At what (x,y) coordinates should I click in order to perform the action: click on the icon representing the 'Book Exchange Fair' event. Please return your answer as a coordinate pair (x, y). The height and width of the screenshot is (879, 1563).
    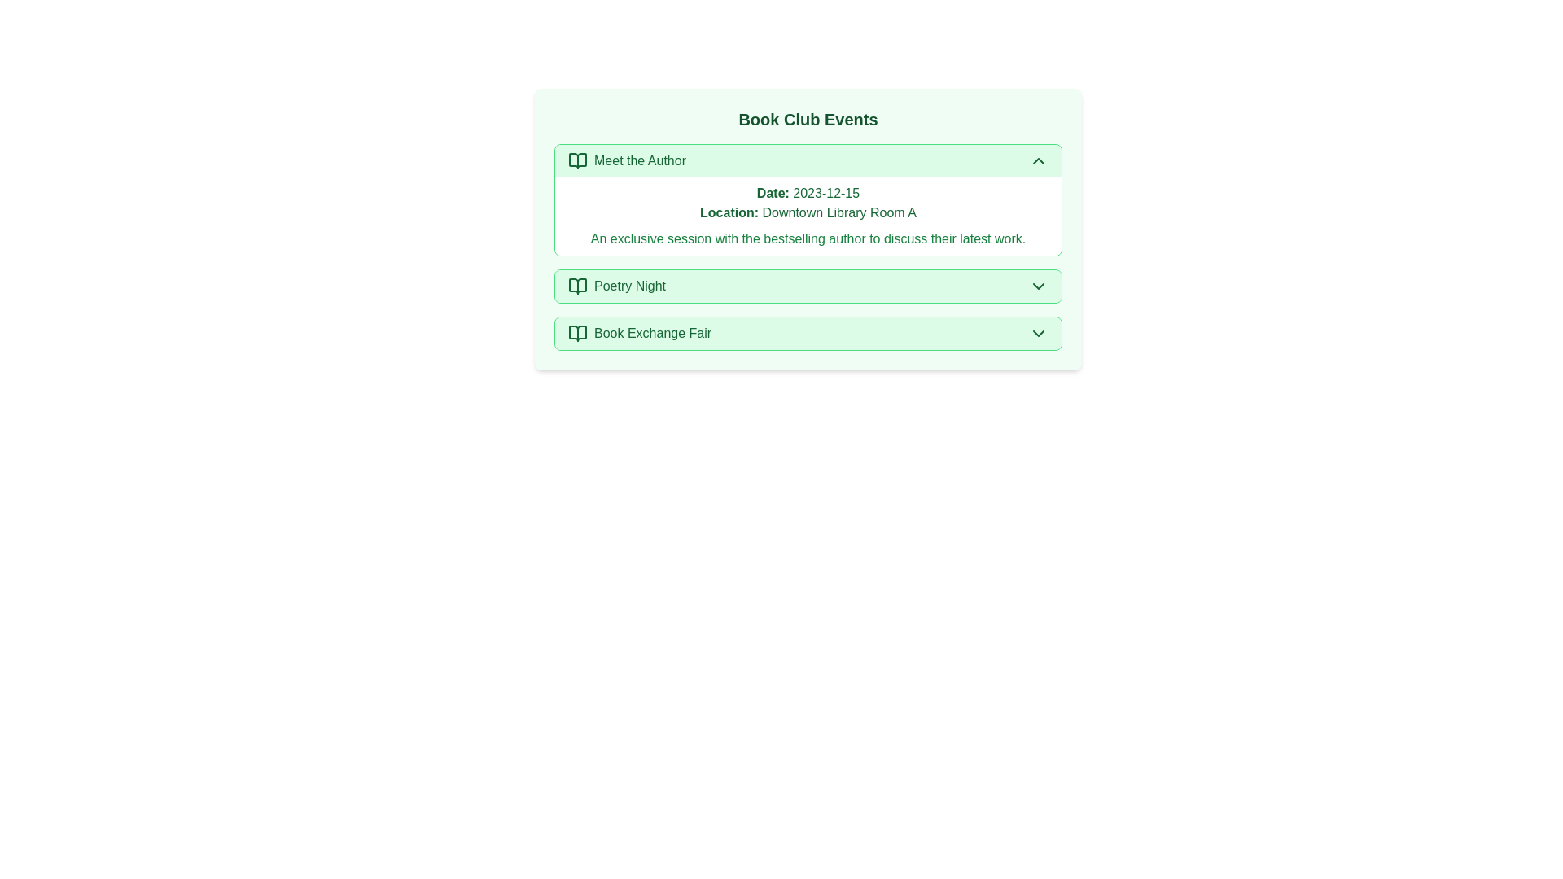
    Looking at the image, I should click on (578, 332).